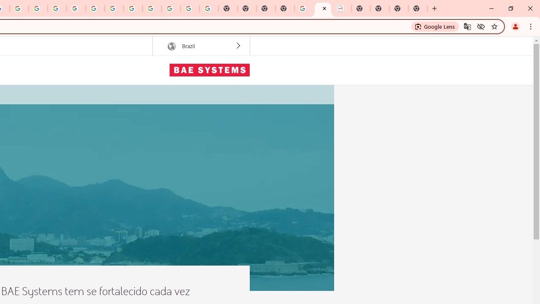  I want to click on 'BAE Systems Brasil | BAE Systems', so click(322, 8).